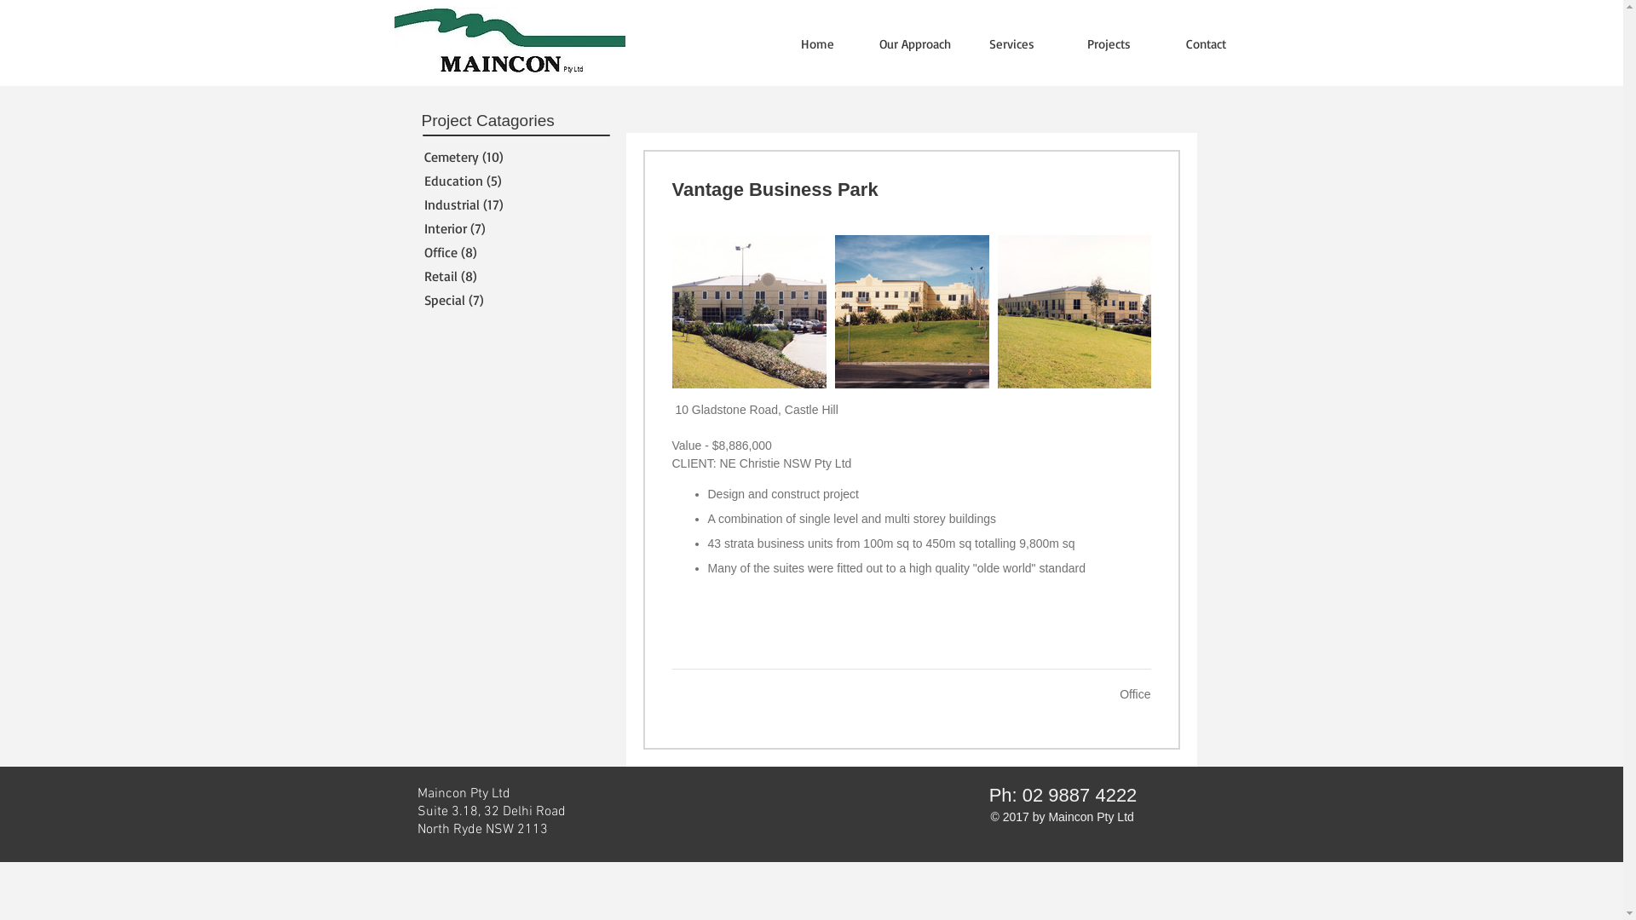 This screenshot has width=1636, height=920. I want to click on 'Interior (7)', so click(509, 227).